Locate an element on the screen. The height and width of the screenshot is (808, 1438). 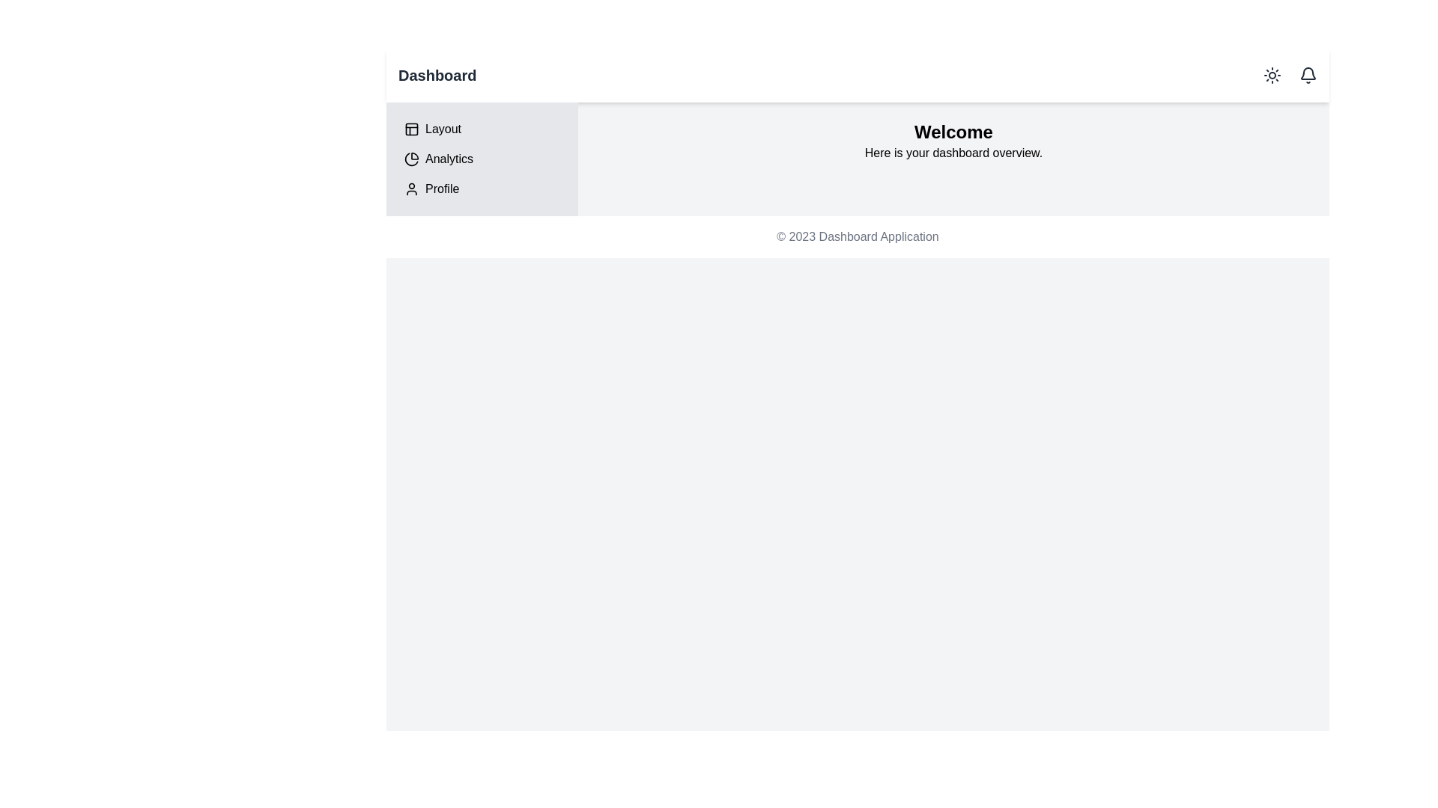
the circular pie chart-like icon located in the vertical navigation panel, which is part of the 'Analytics' menu item is located at coordinates (412, 159).